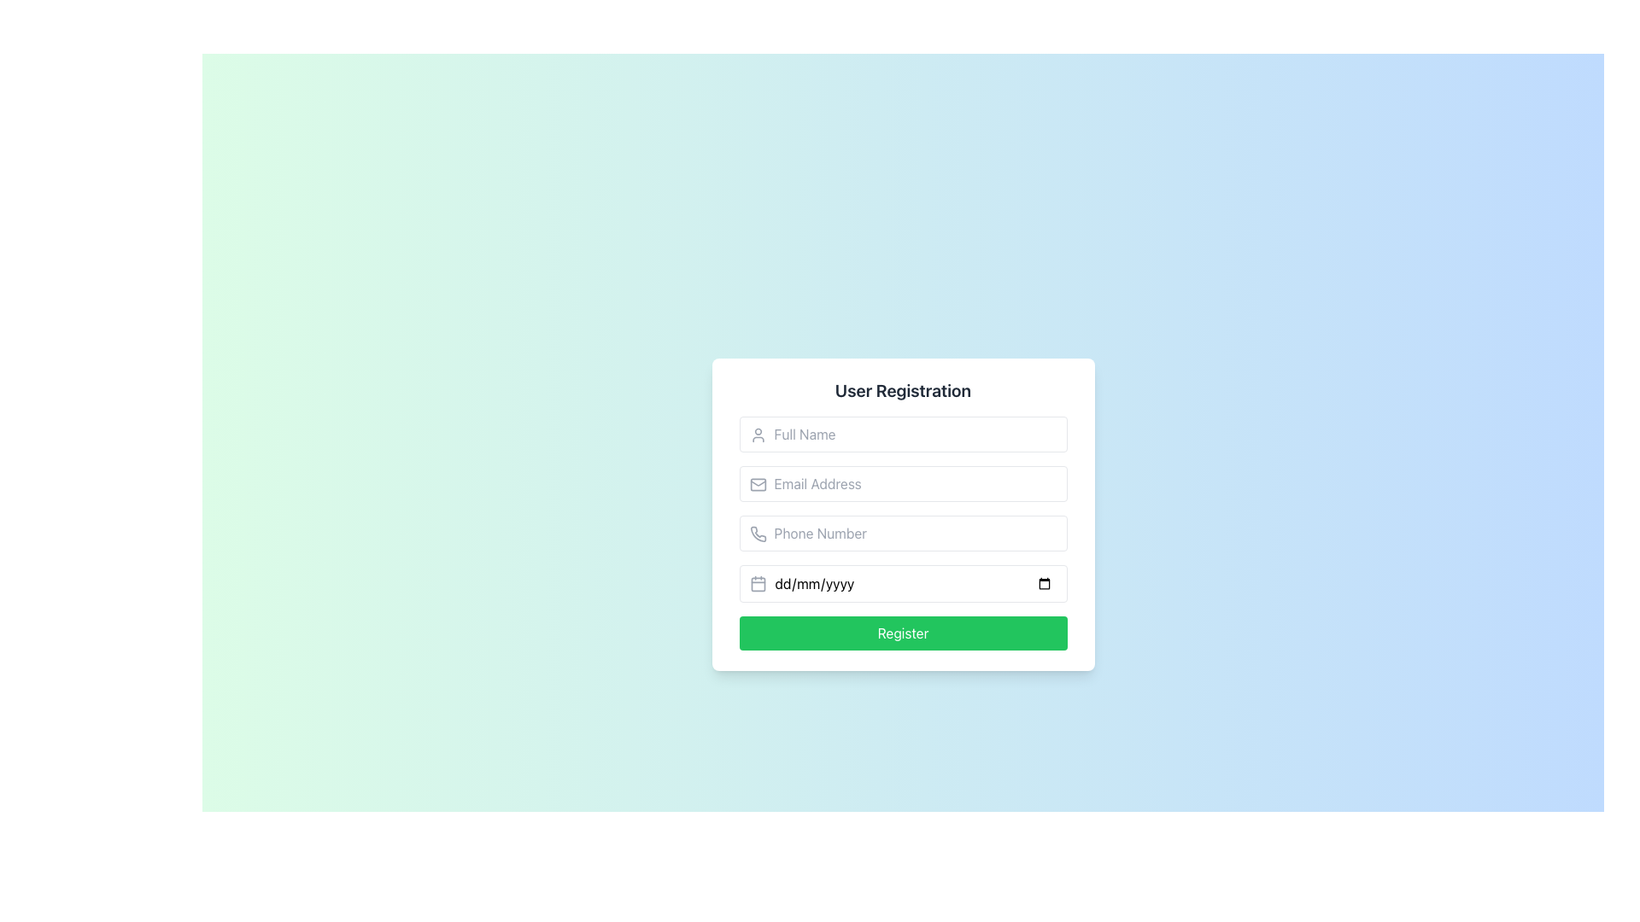 Image resolution: width=1640 pixels, height=922 pixels. What do you see at coordinates (757, 484) in the screenshot?
I see `the decorative envelope icon located to the left of the 'Email Address' input field in the registration form` at bounding box center [757, 484].